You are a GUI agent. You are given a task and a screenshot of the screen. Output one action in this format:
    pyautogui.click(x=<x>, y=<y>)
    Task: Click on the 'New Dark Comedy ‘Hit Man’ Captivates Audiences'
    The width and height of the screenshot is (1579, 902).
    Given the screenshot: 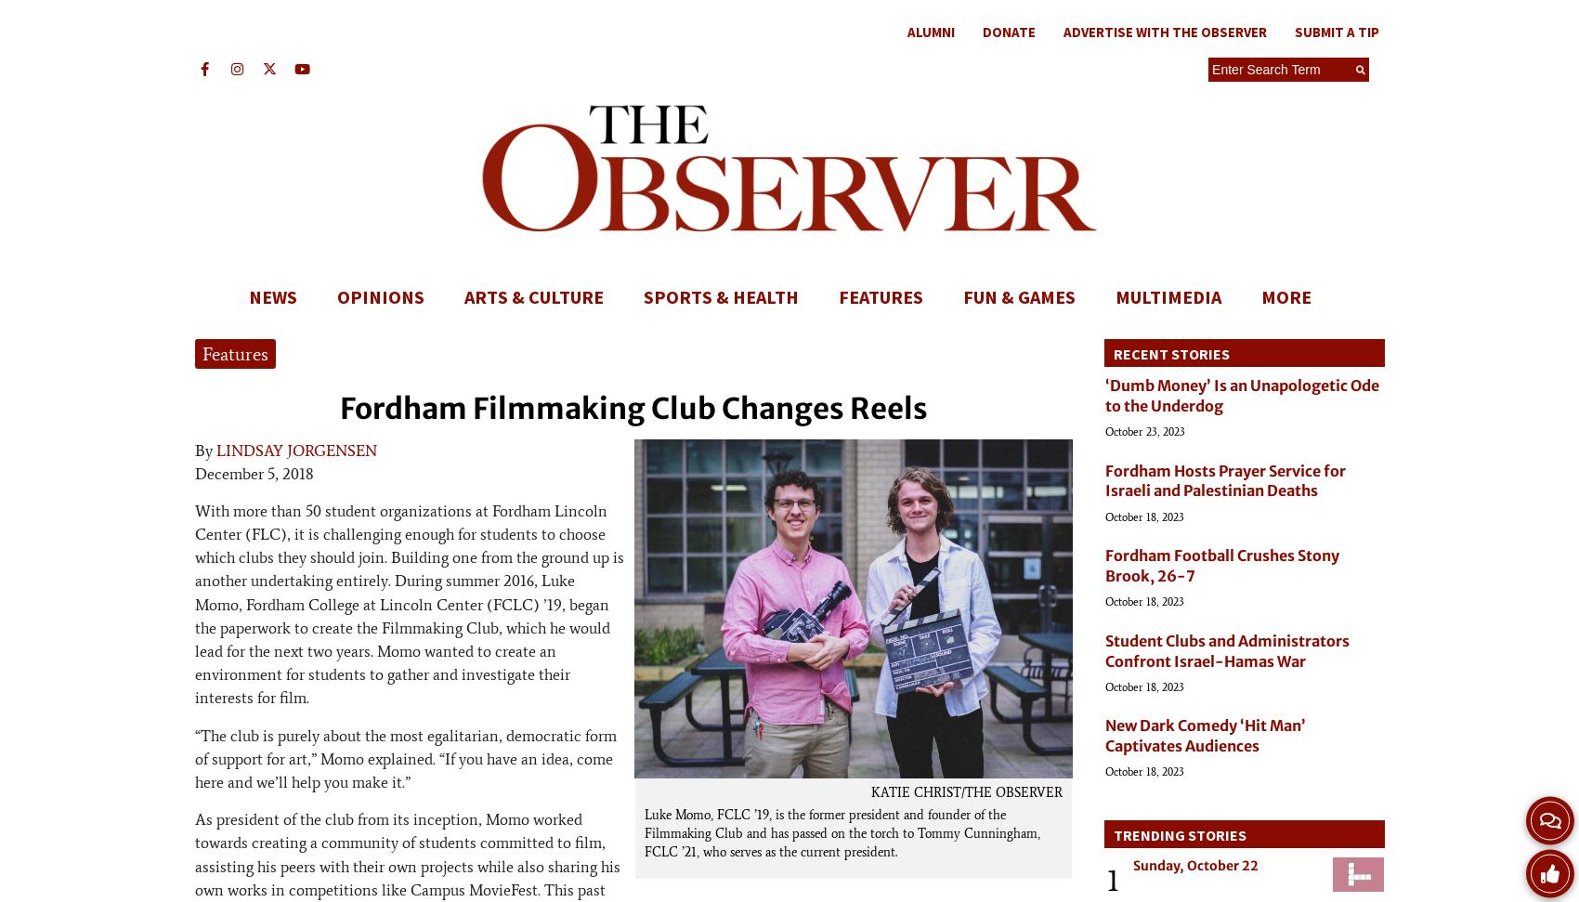 What is the action you would take?
    pyautogui.click(x=1104, y=736)
    